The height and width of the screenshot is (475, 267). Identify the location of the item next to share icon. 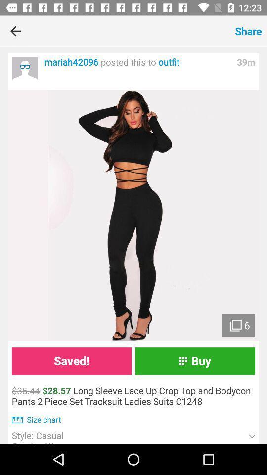
(131, 31).